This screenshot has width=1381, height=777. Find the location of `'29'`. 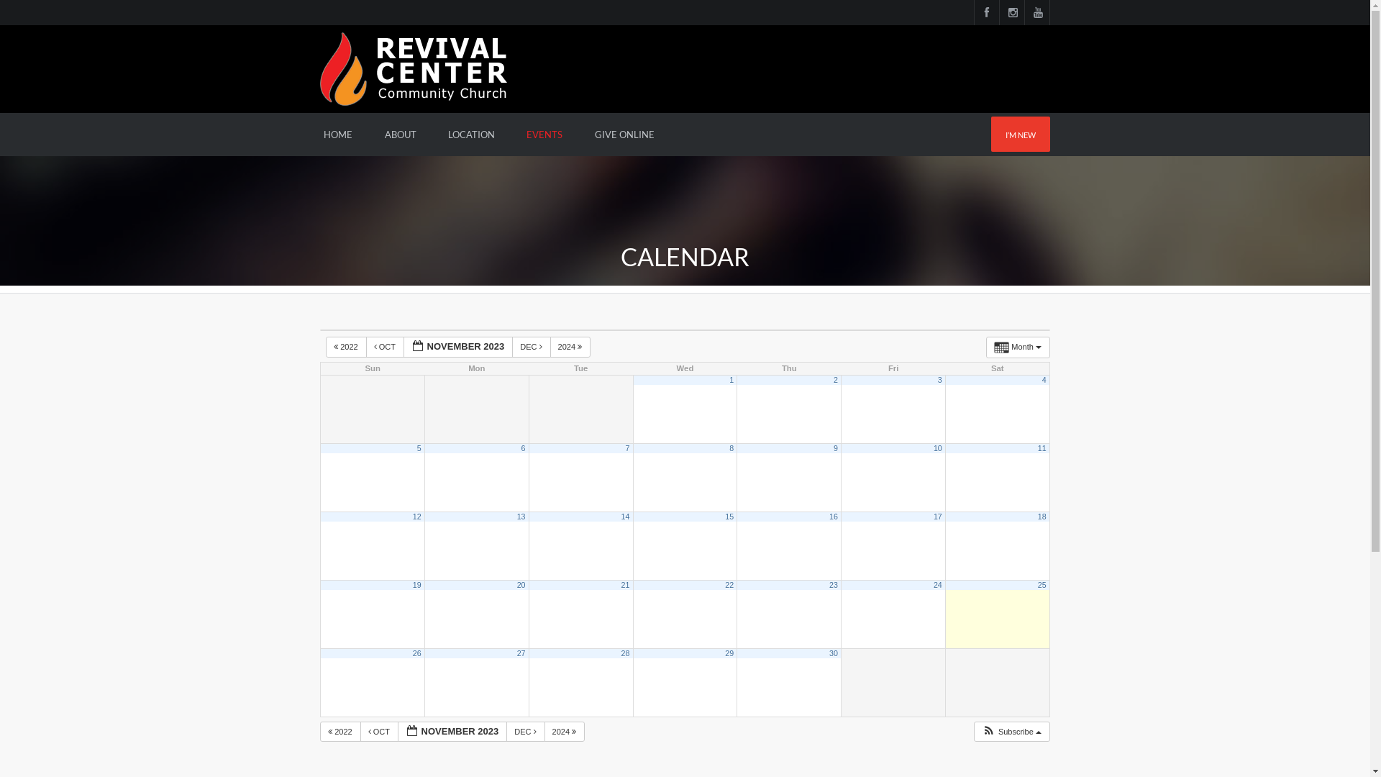

'29' is located at coordinates (729, 653).